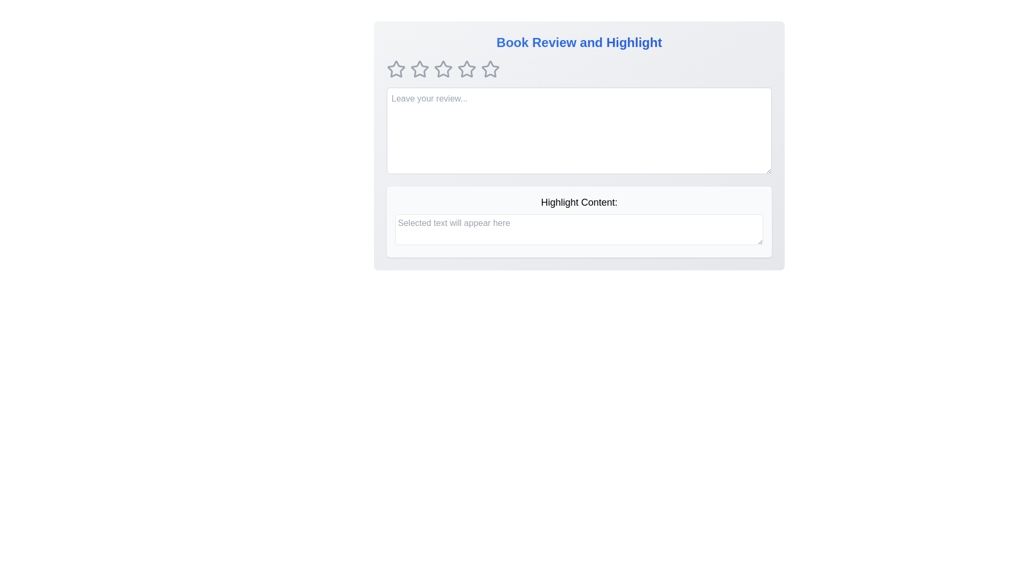 The width and height of the screenshot is (1027, 577). Describe the element at coordinates (419, 69) in the screenshot. I see `the star rating icon corresponding to 2 stars to preview the rating` at that location.